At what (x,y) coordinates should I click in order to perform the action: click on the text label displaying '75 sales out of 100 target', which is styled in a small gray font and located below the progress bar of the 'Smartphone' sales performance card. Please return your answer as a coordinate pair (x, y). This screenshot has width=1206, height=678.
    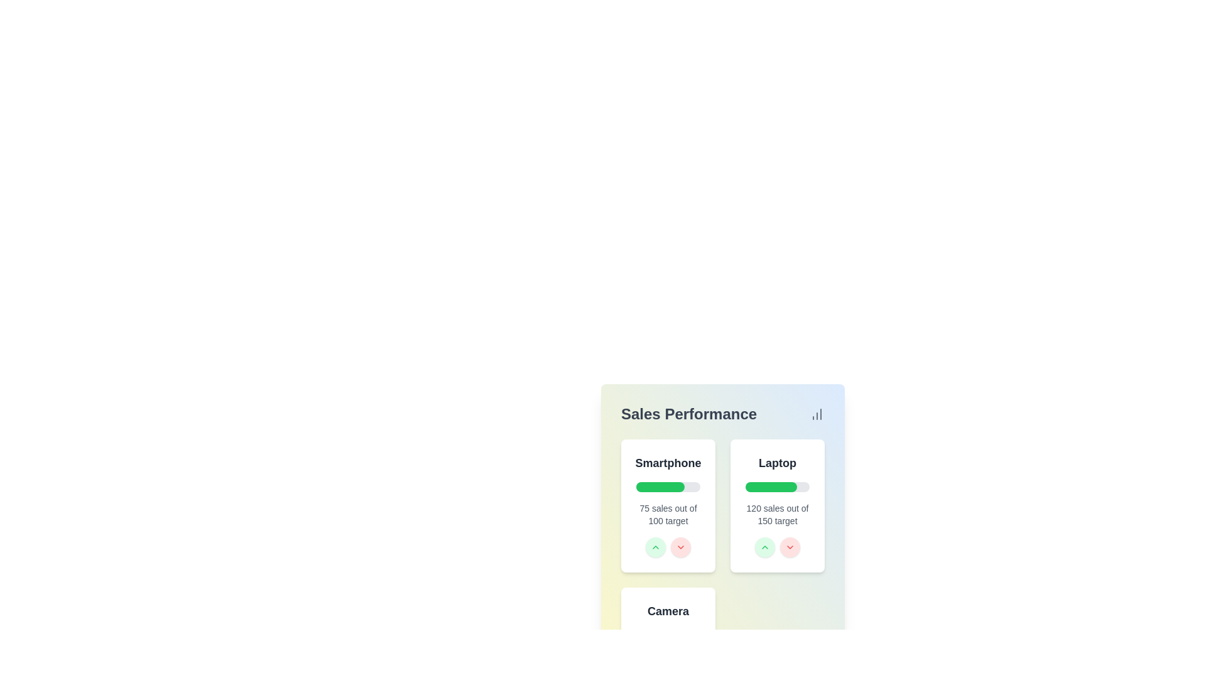
    Looking at the image, I should click on (668, 515).